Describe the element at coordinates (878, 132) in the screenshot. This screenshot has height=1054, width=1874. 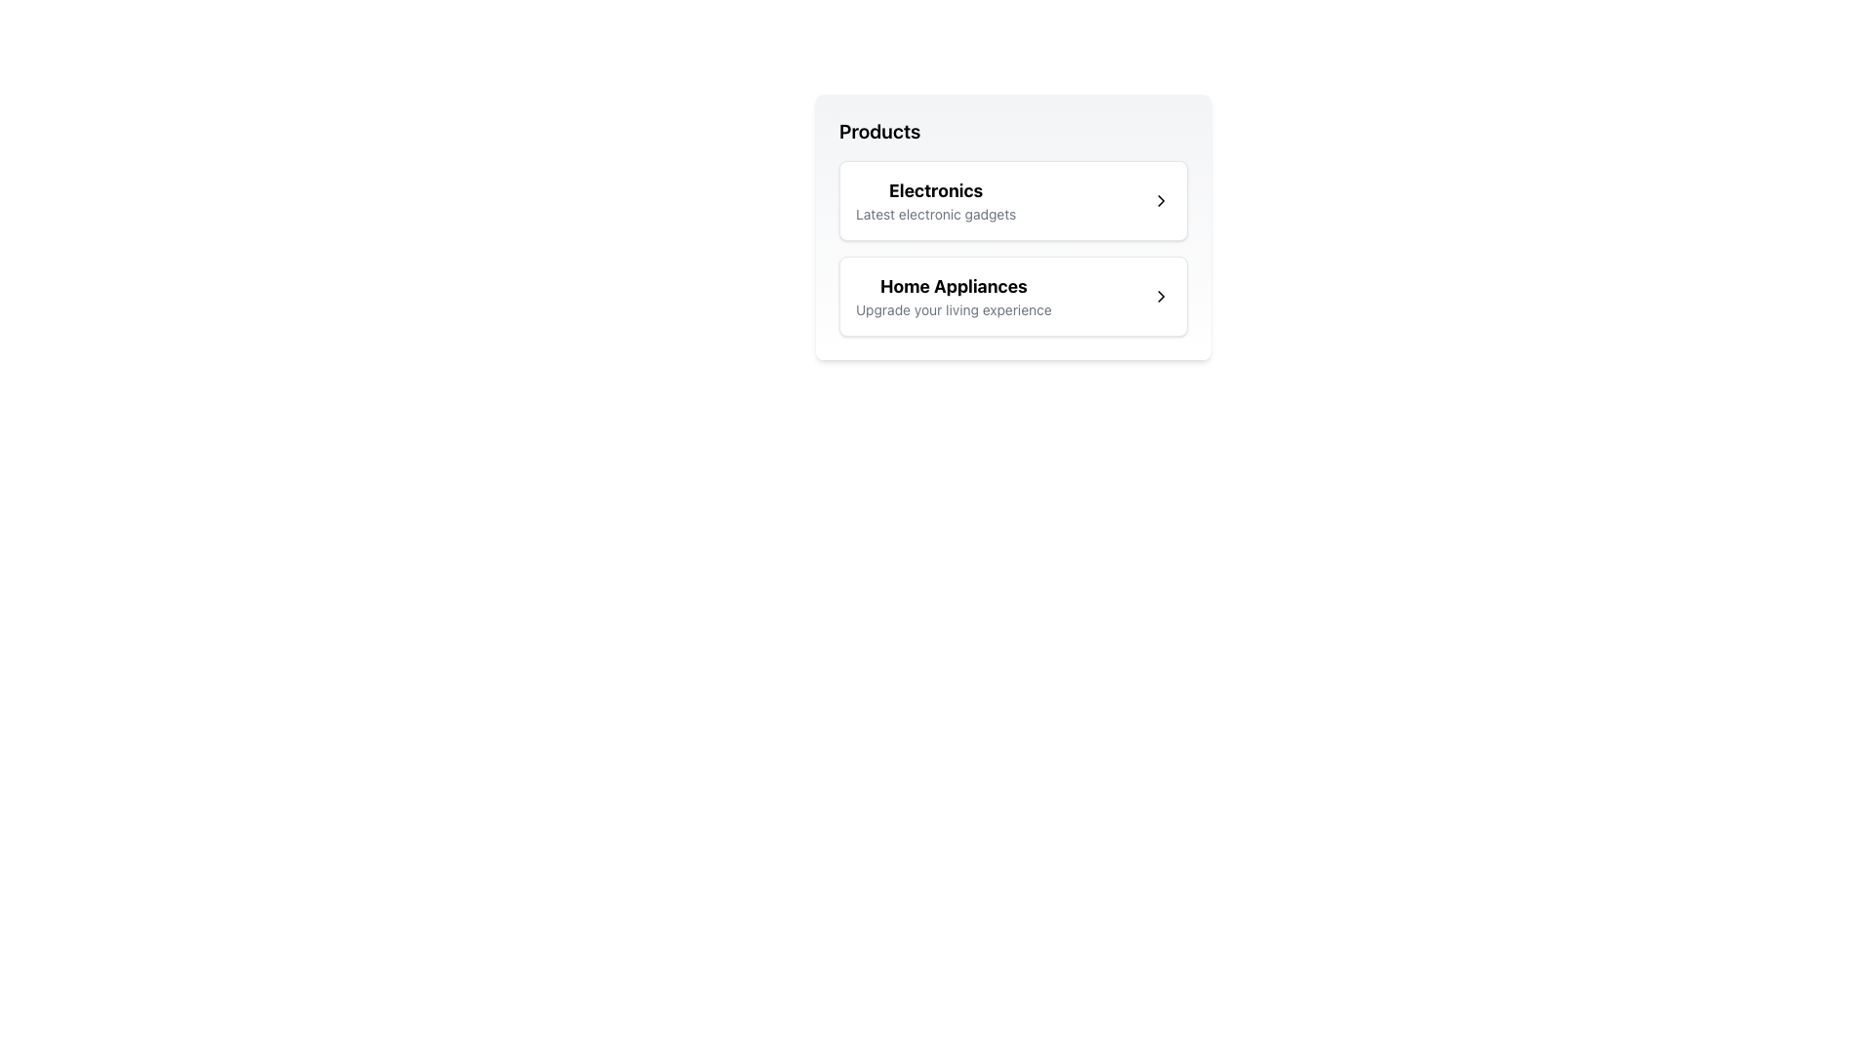
I see `the text element displaying the word 'Products' located at the top of the card section` at that location.